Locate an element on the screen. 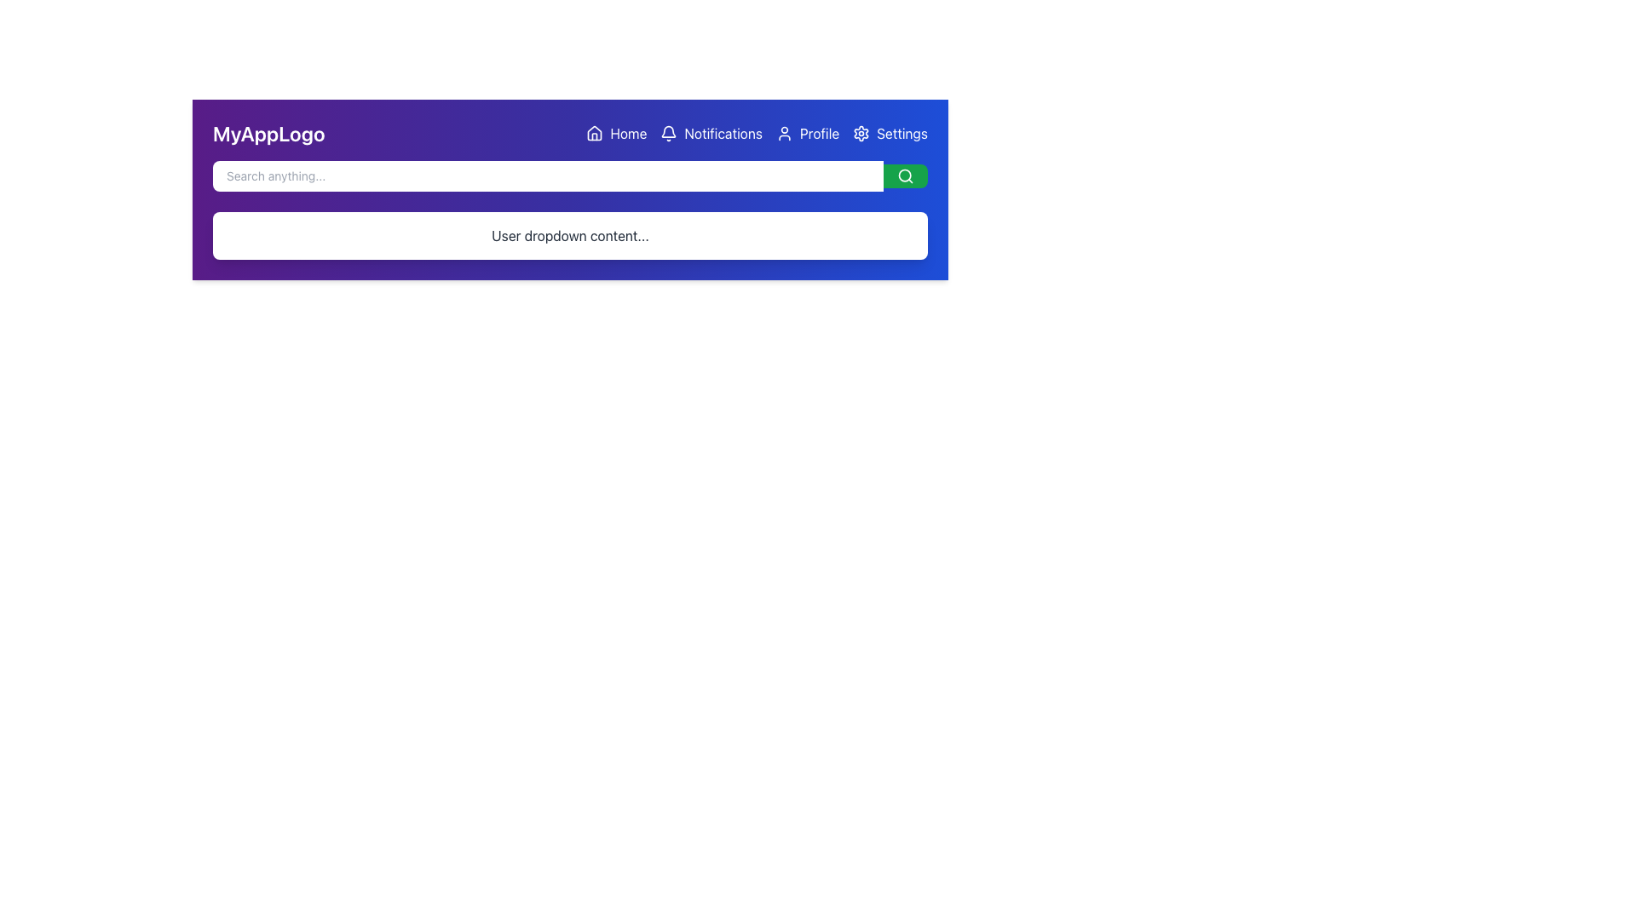 The width and height of the screenshot is (1636, 920). the non-interactive Text Label that displays the application's name, located in the header section at the leftmost position is located at coordinates (268, 133).